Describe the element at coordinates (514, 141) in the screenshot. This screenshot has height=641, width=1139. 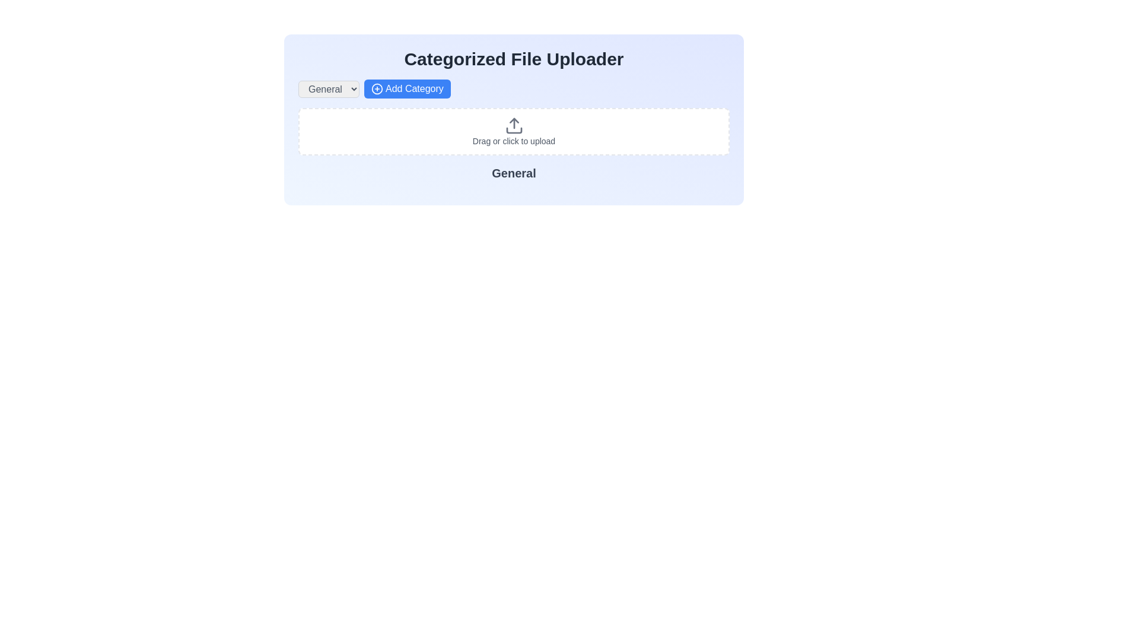
I see `the text label that provides instructions about the upload functionality, which is located within a bordered, dashed box in the center of the UI` at that location.